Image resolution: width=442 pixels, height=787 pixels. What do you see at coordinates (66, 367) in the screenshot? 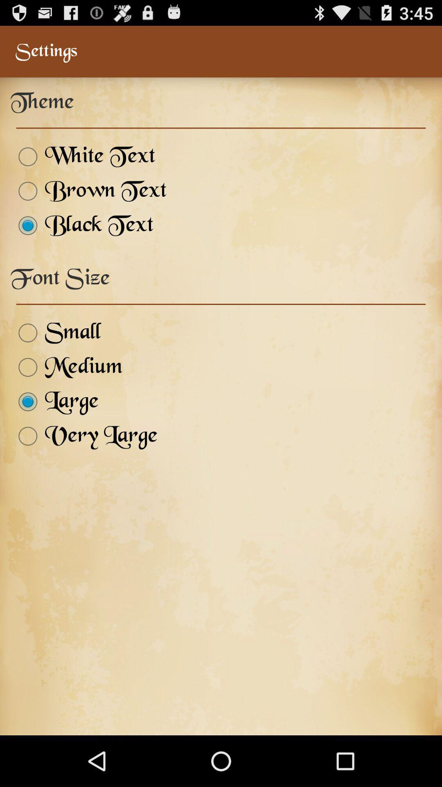
I see `item above large` at bounding box center [66, 367].